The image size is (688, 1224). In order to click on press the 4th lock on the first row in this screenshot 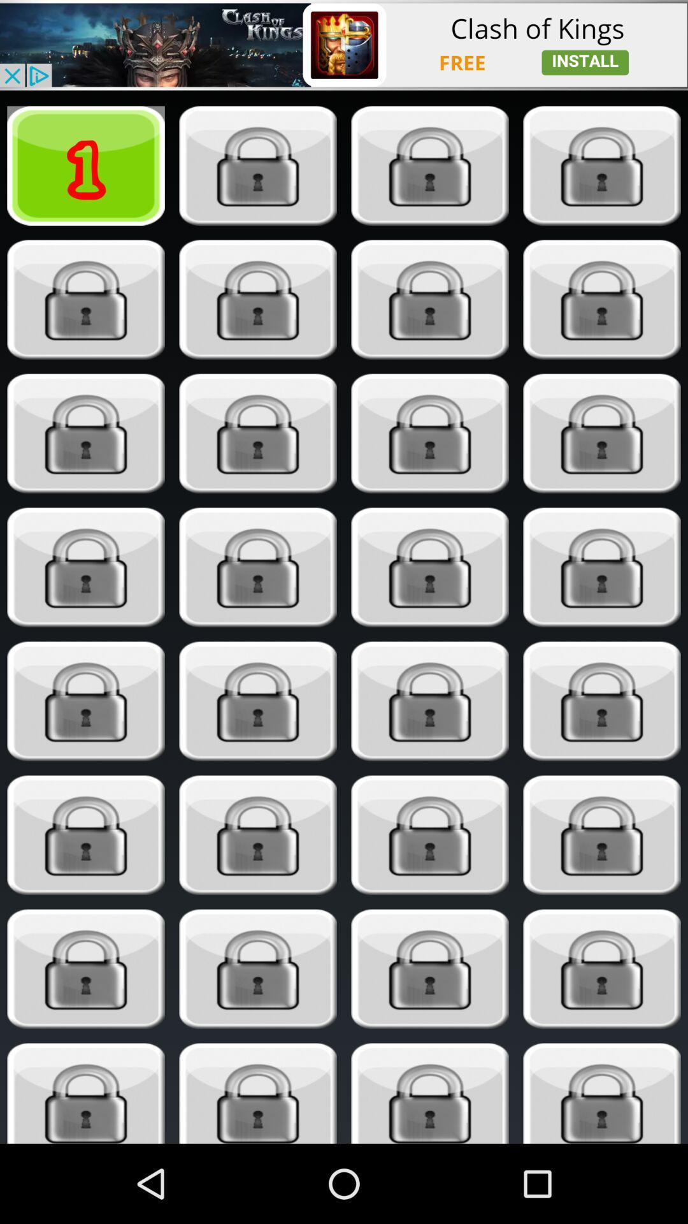, I will do `click(602, 165)`.